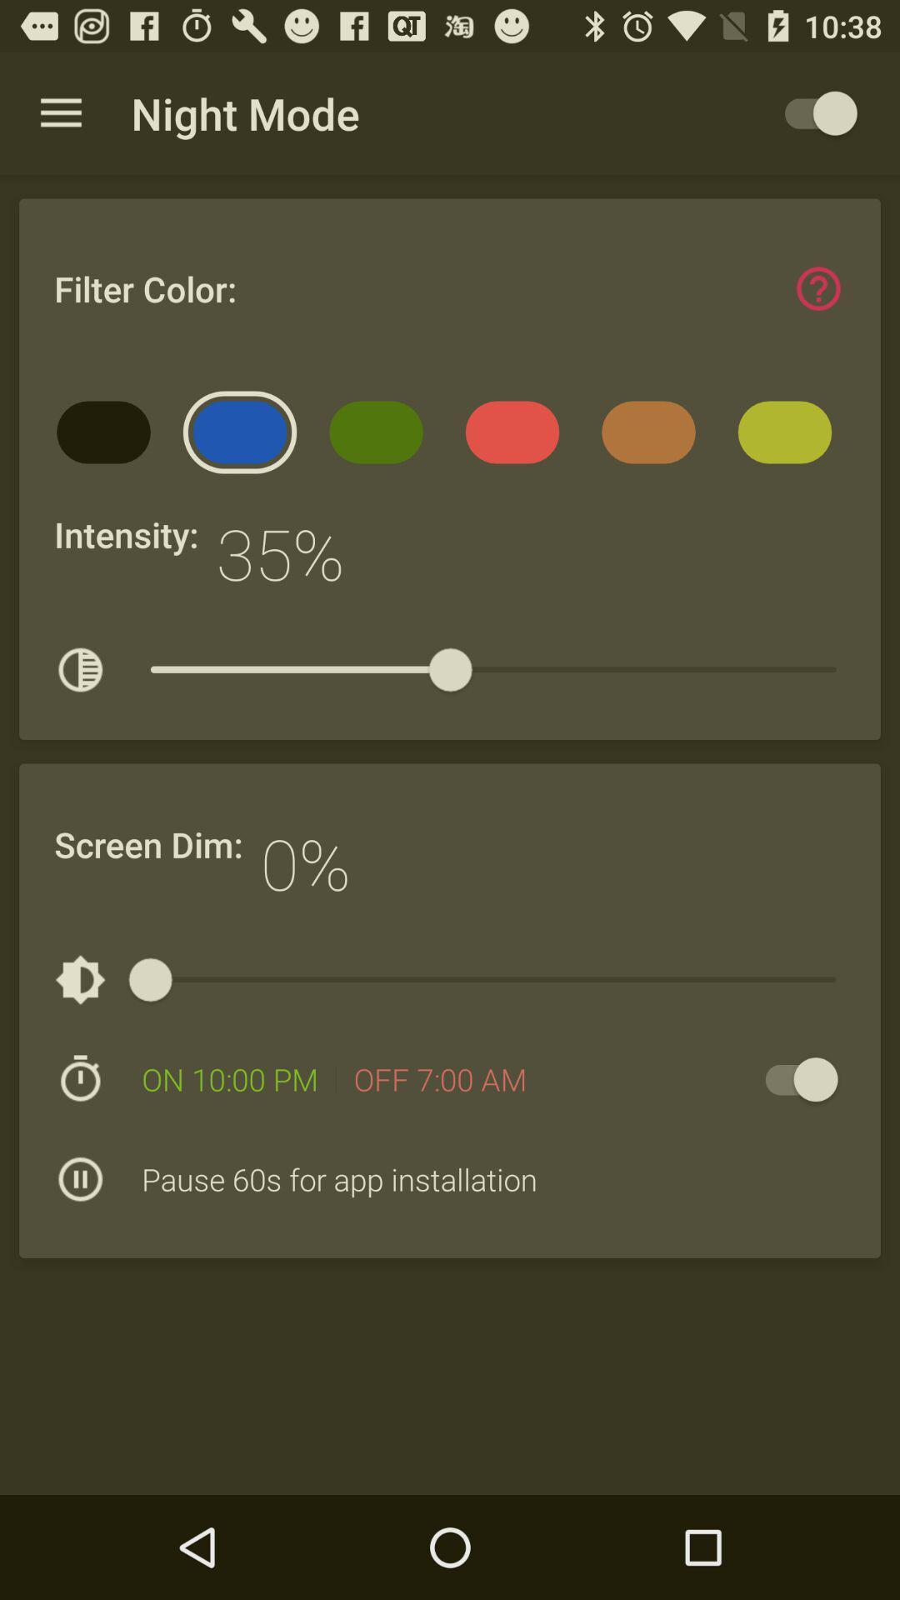 The height and width of the screenshot is (1600, 900). I want to click on timer, so click(792, 1079).